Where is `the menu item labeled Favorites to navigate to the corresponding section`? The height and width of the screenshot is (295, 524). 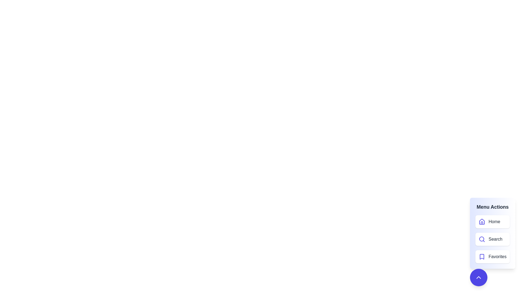
the menu item labeled Favorites to navigate to the corresponding section is located at coordinates (493, 257).